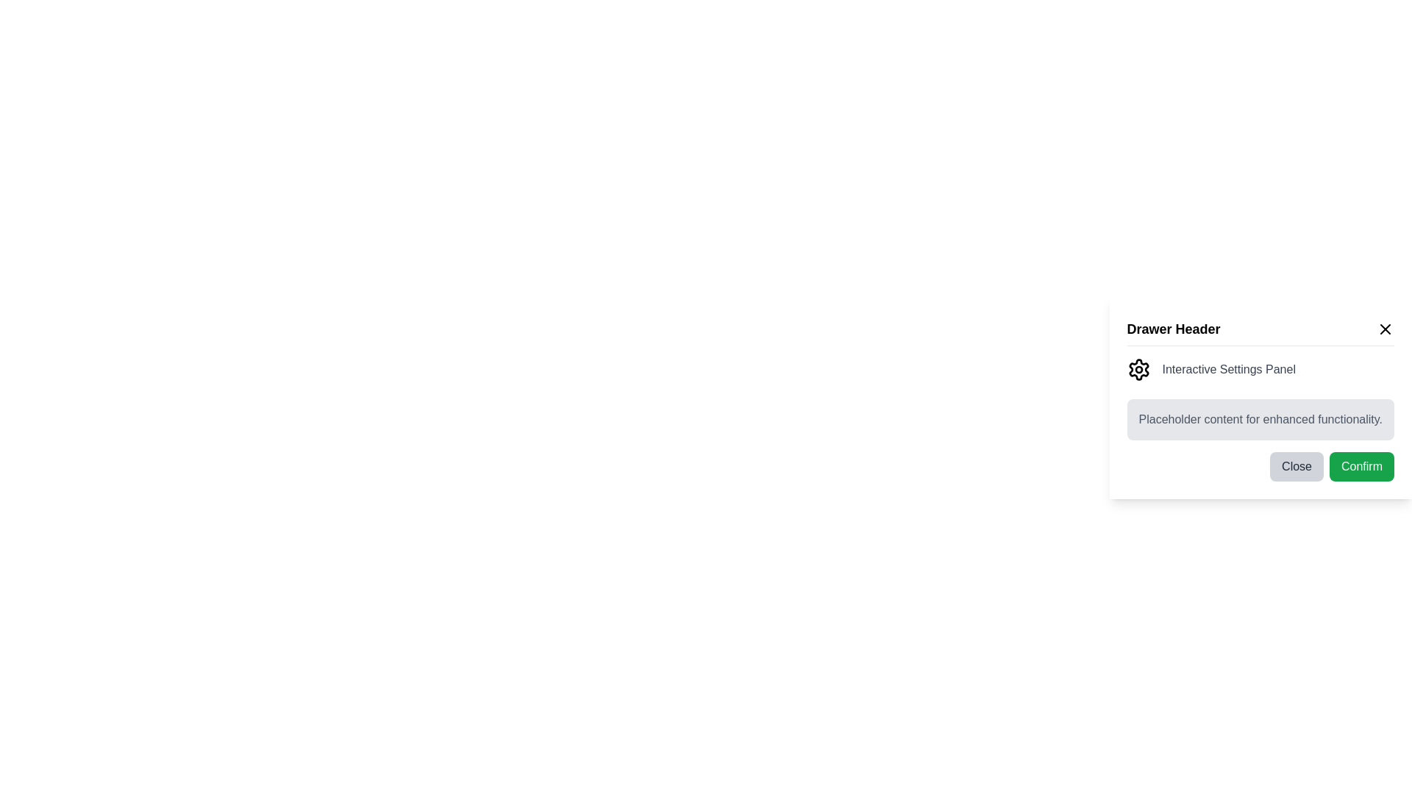  Describe the element at coordinates (1173, 328) in the screenshot. I see `the static text element that serves as a title or label for the panel, positioned at the top-left corner of the panel` at that location.